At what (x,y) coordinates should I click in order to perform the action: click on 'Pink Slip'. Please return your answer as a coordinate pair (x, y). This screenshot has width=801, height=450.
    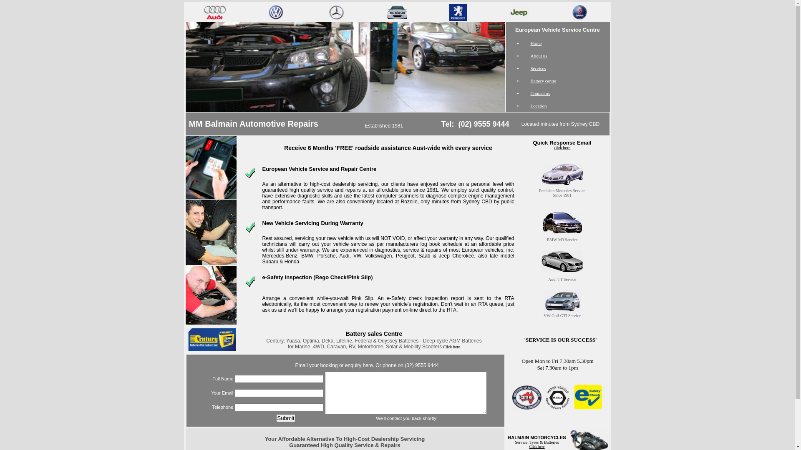
    Looking at the image, I should click on (352, 298).